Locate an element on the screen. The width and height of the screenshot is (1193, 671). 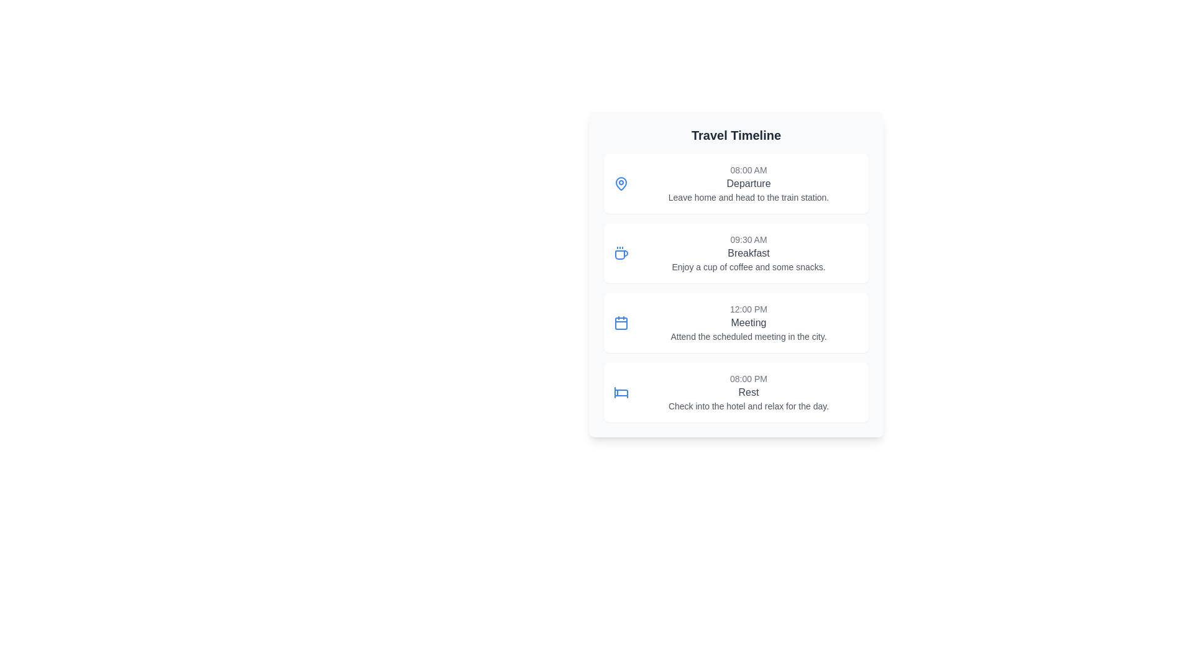
the static text element reading 'Enjoy a cup of coffee and some snacks.' which is styled in a smaller, gray font and positioned below the 'Breakfast' heading is located at coordinates (747, 266).